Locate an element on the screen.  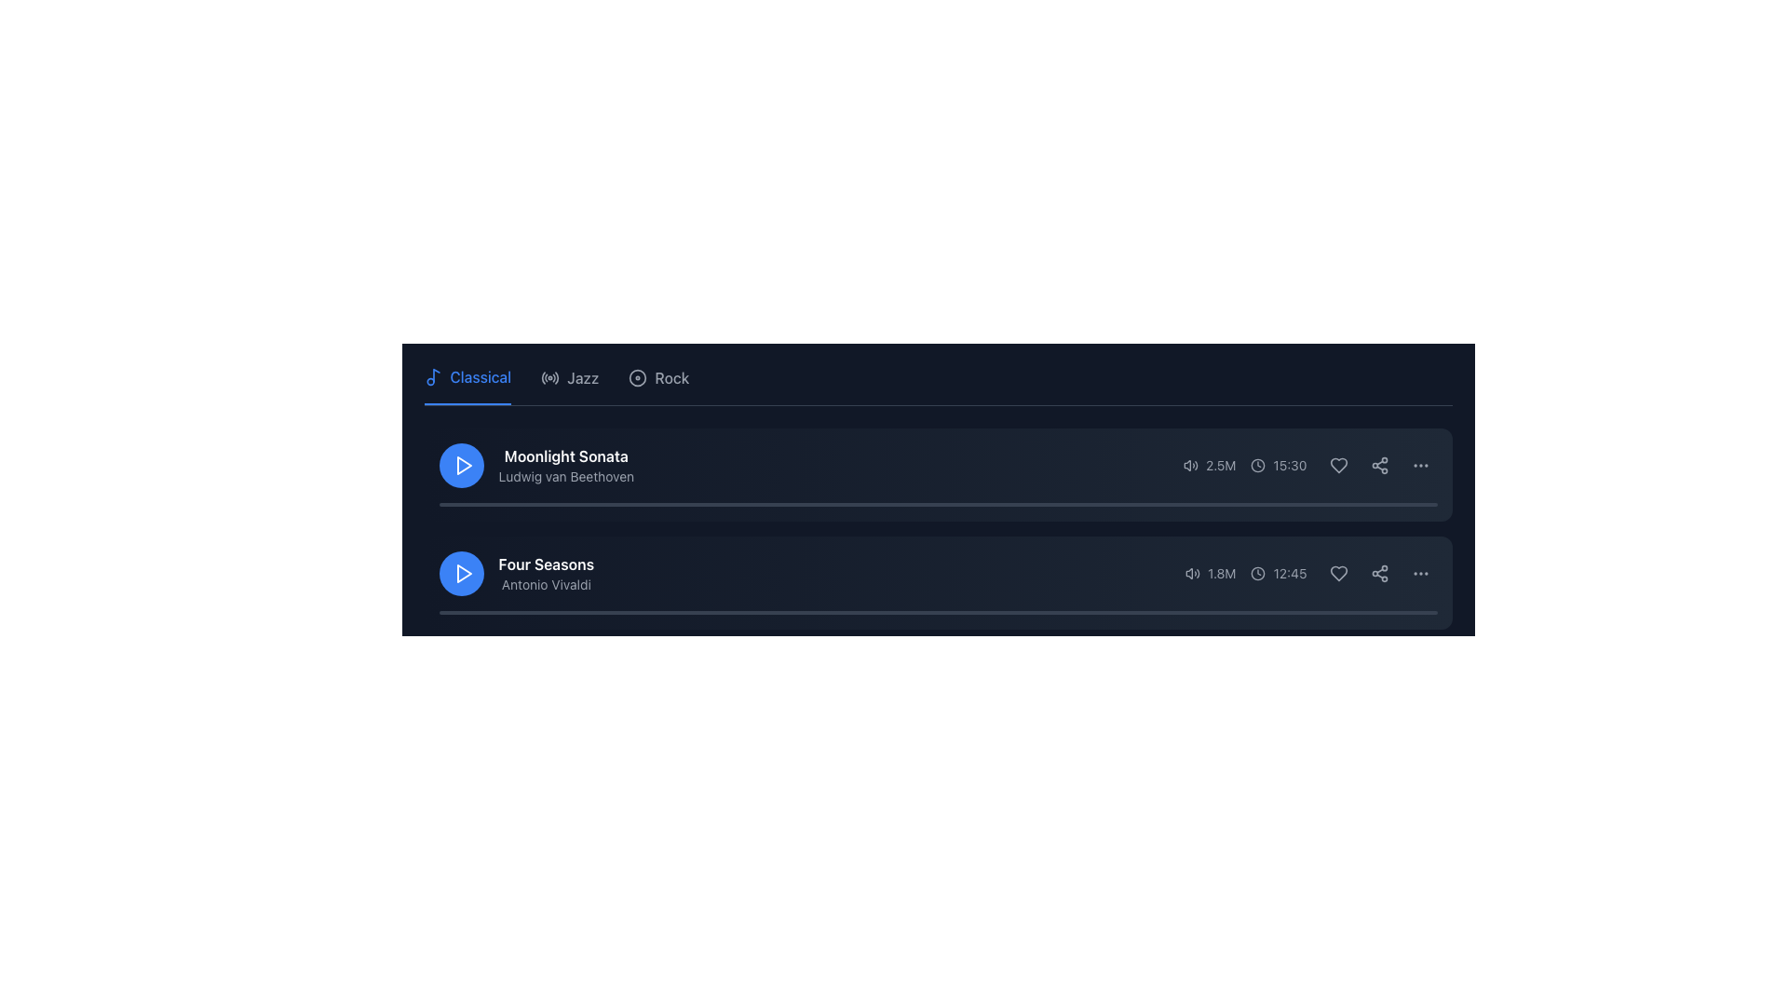
the playback progress visually on the progress bar located below the title and artist information for the track 'Four Seasons' in the music playlist is located at coordinates (938, 613).